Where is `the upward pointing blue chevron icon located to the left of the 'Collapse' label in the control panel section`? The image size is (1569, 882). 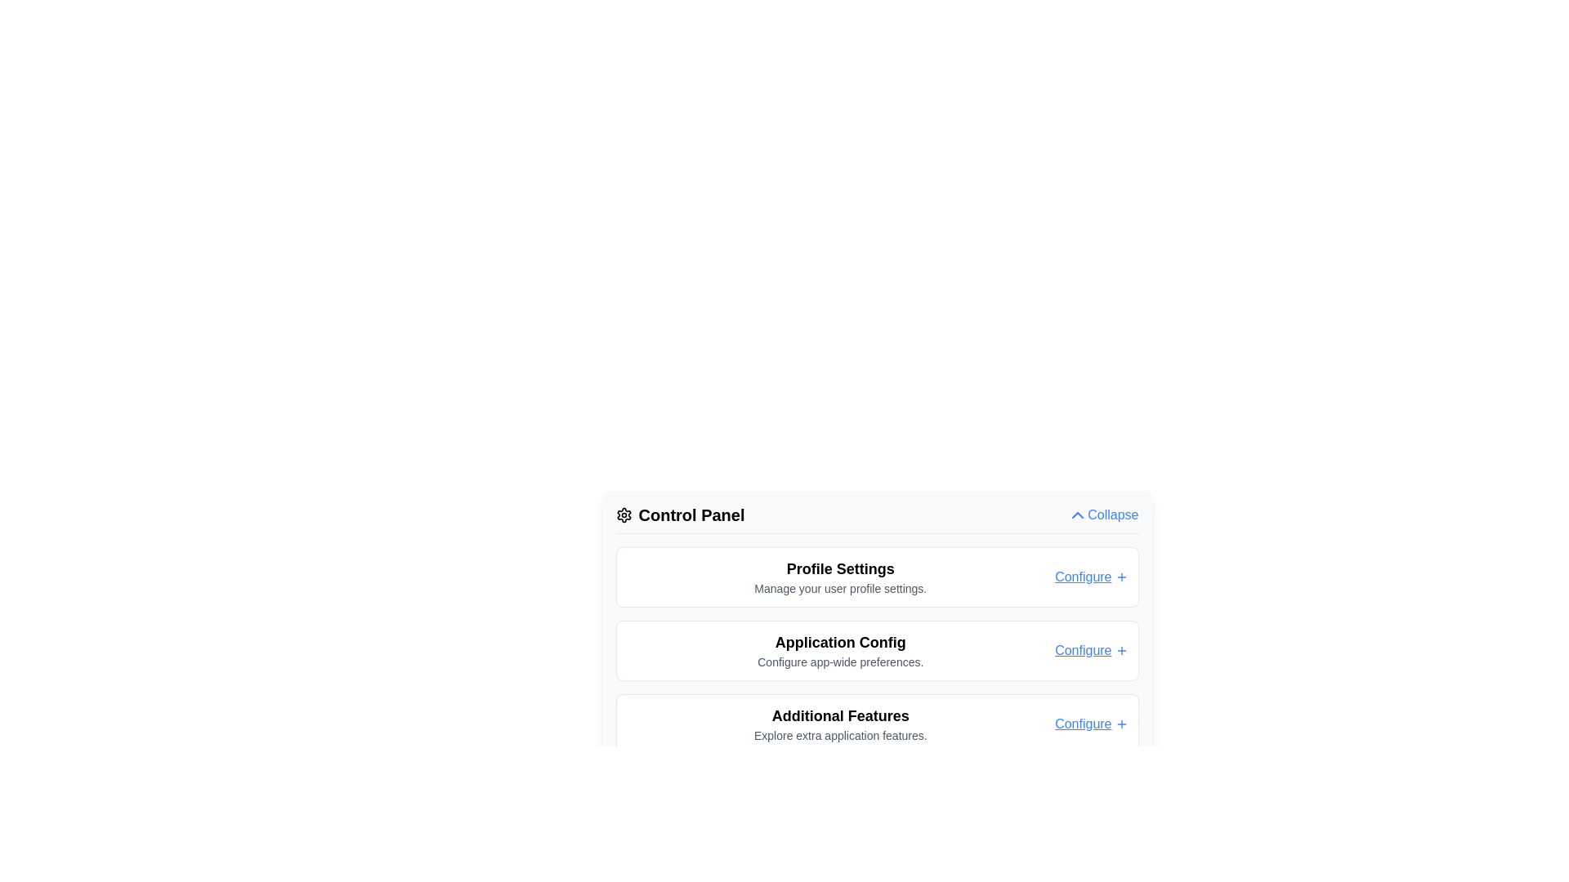
the upward pointing blue chevron icon located to the left of the 'Collapse' label in the control panel section is located at coordinates (1078, 515).